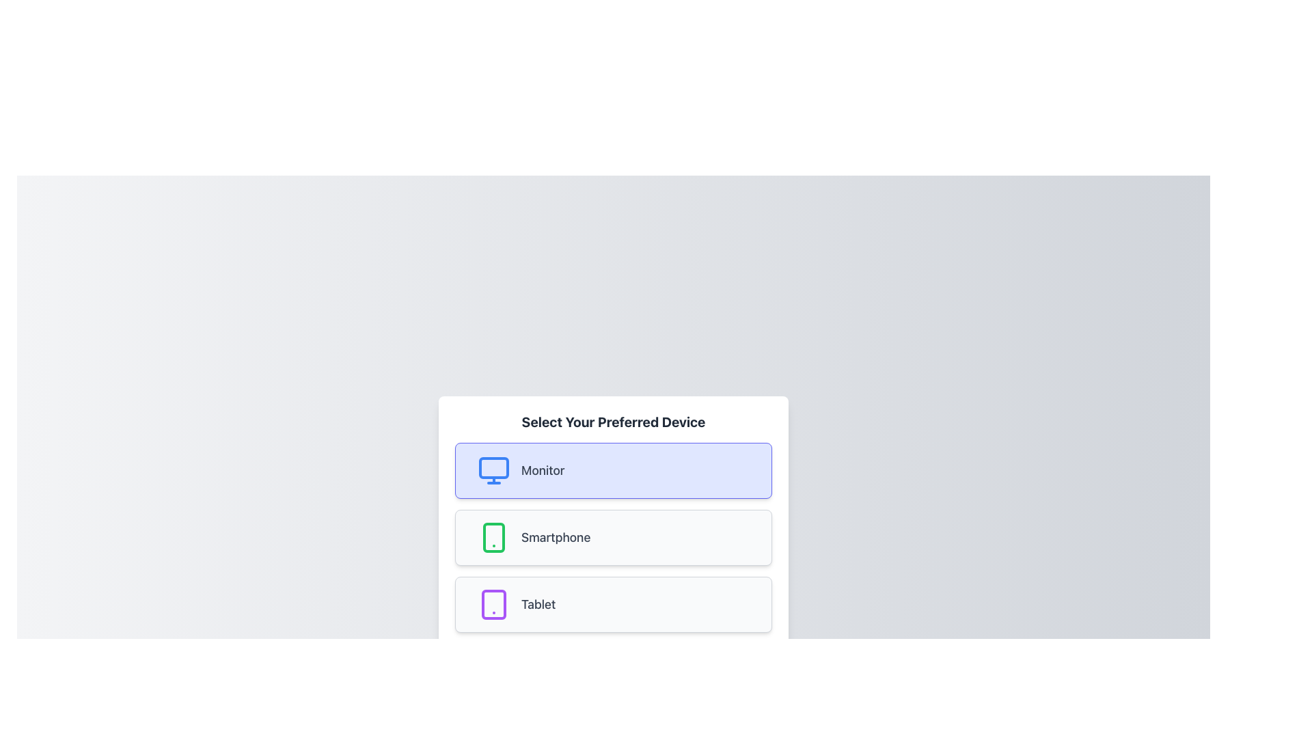 This screenshot has height=738, width=1312. Describe the element at coordinates (493, 470) in the screenshot. I see `the 'Monitor' icon located above the 'Monitor' label within the selection interface` at that location.